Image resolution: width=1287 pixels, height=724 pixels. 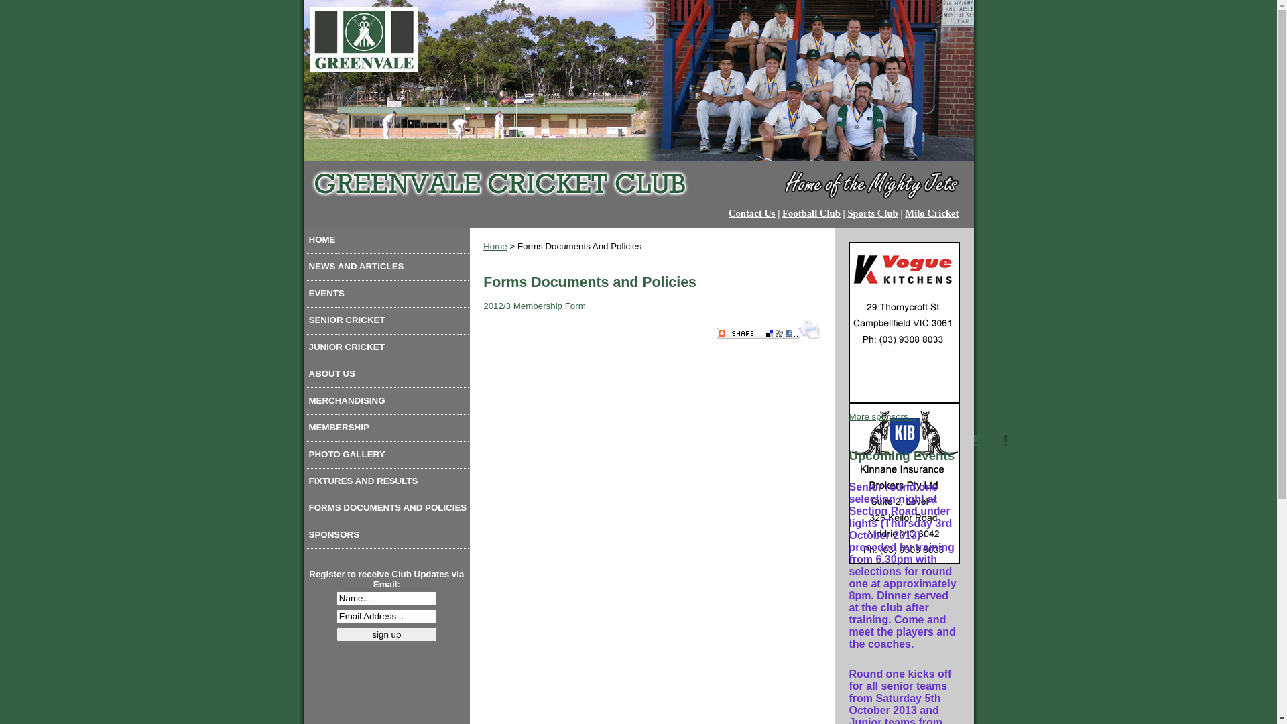 What do you see at coordinates (800, 337) in the screenshot?
I see `'Print this Page'` at bounding box center [800, 337].